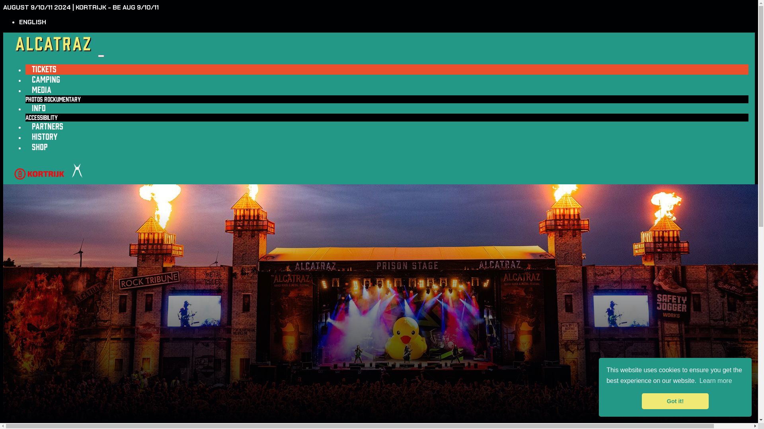 This screenshot has height=429, width=764. I want to click on 'ROCKUMENTARY', so click(62, 99).